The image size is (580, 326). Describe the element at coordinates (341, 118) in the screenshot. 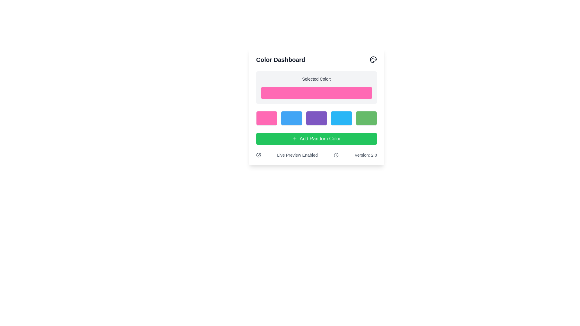

I see `the blue color selection button, which is the fourth button in a row of five buttons on the Color Dashboard interface, positioned between the purple button and the green button` at that location.